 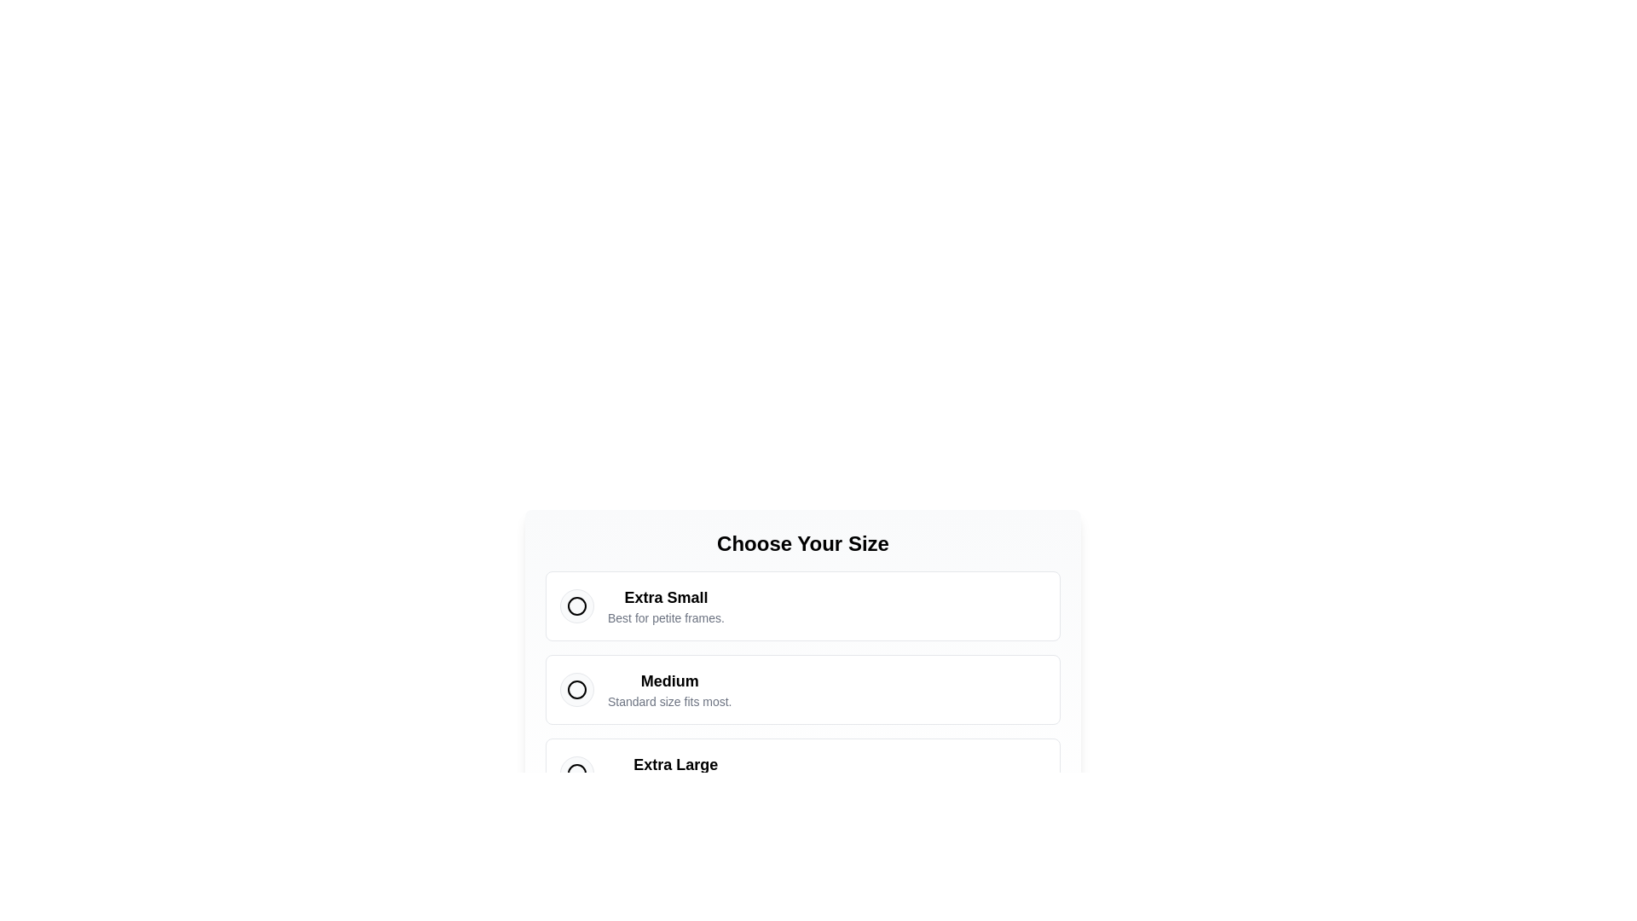 What do you see at coordinates (665, 618) in the screenshot?
I see `the text label displaying 'Best for petite frames.', which is located below the 'Extra Small' label within the size selection options` at bounding box center [665, 618].